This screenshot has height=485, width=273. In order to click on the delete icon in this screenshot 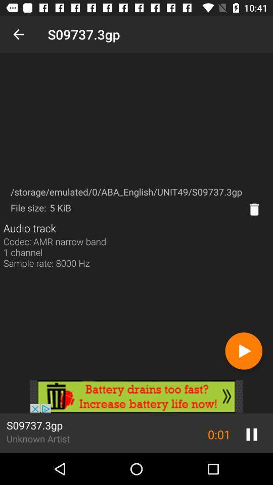, I will do `click(254, 209)`.